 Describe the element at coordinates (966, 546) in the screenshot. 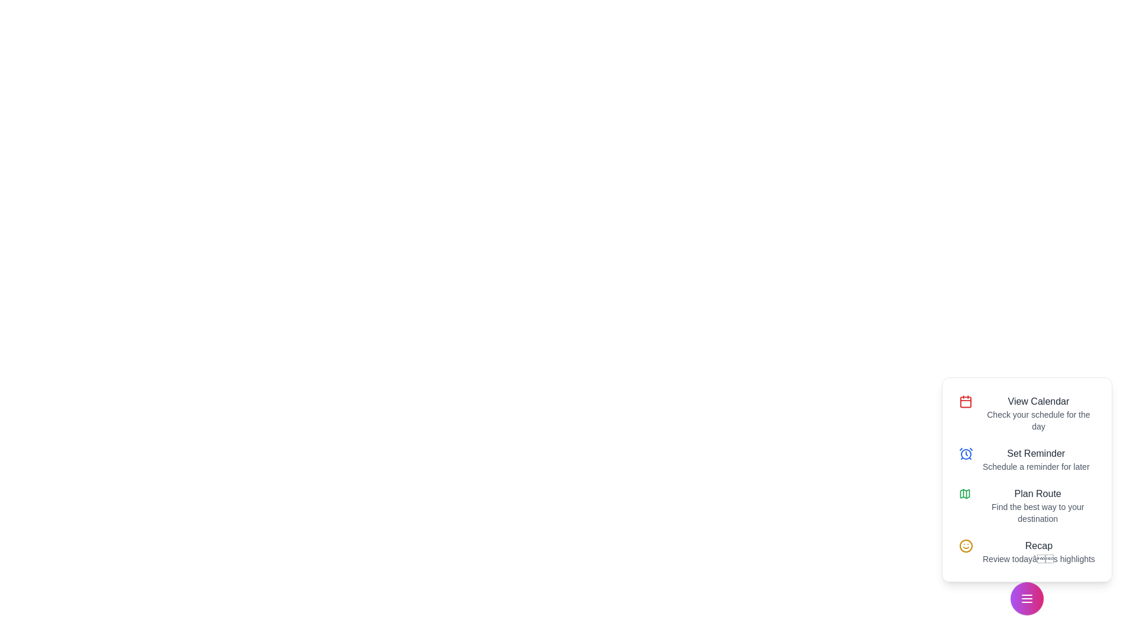

I see `the Recap icon to perform the corresponding action` at that location.